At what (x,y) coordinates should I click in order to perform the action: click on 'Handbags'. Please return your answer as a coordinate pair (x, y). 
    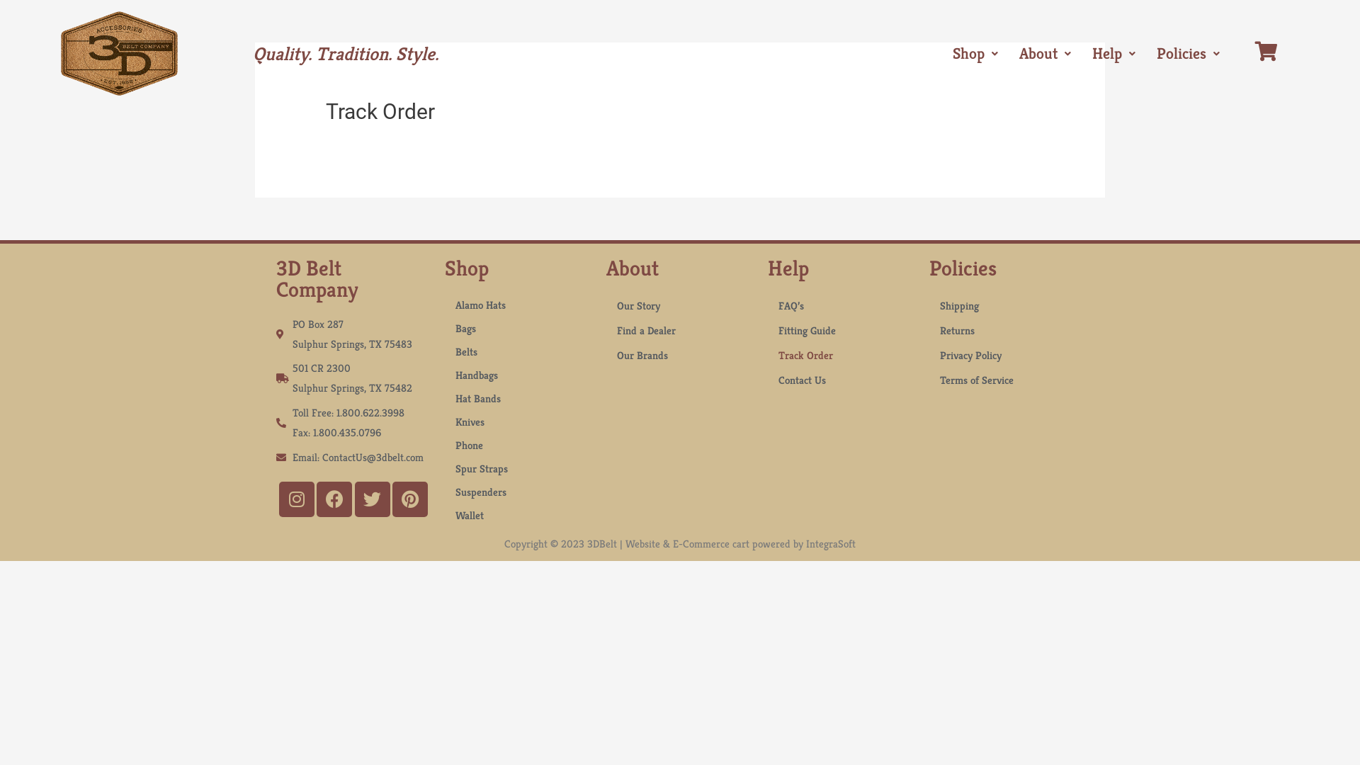
    Looking at the image, I should click on (517, 374).